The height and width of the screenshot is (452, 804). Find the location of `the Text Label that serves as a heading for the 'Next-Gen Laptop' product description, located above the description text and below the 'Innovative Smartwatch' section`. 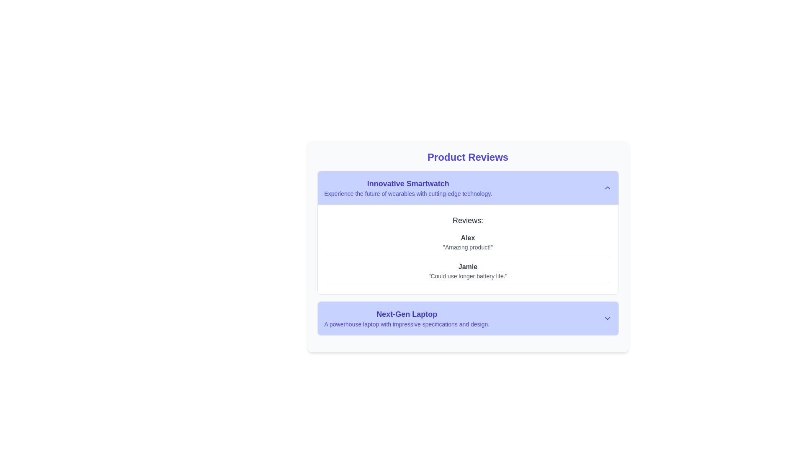

the Text Label that serves as a heading for the 'Next-Gen Laptop' product description, located above the description text and below the 'Innovative Smartwatch' section is located at coordinates (407, 314).